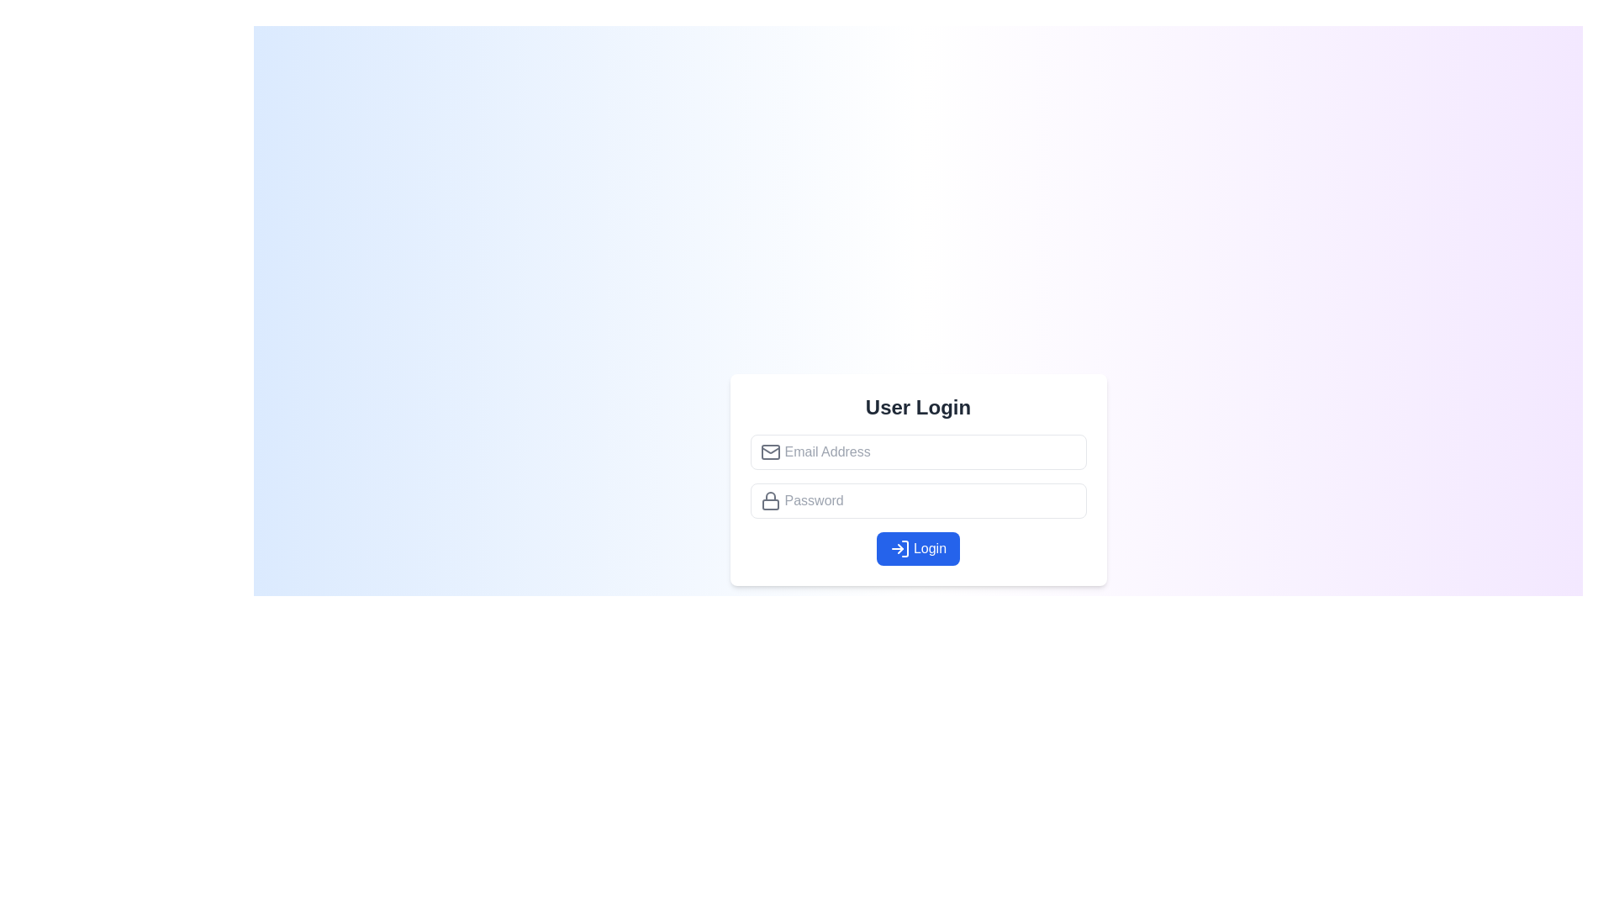 Image resolution: width=1614 pixels, height=908 pixels. I want to click on the bottom triangle line of the envelope icon within the SVG, located above the 'Email Address' text entry, so click(769, 450).